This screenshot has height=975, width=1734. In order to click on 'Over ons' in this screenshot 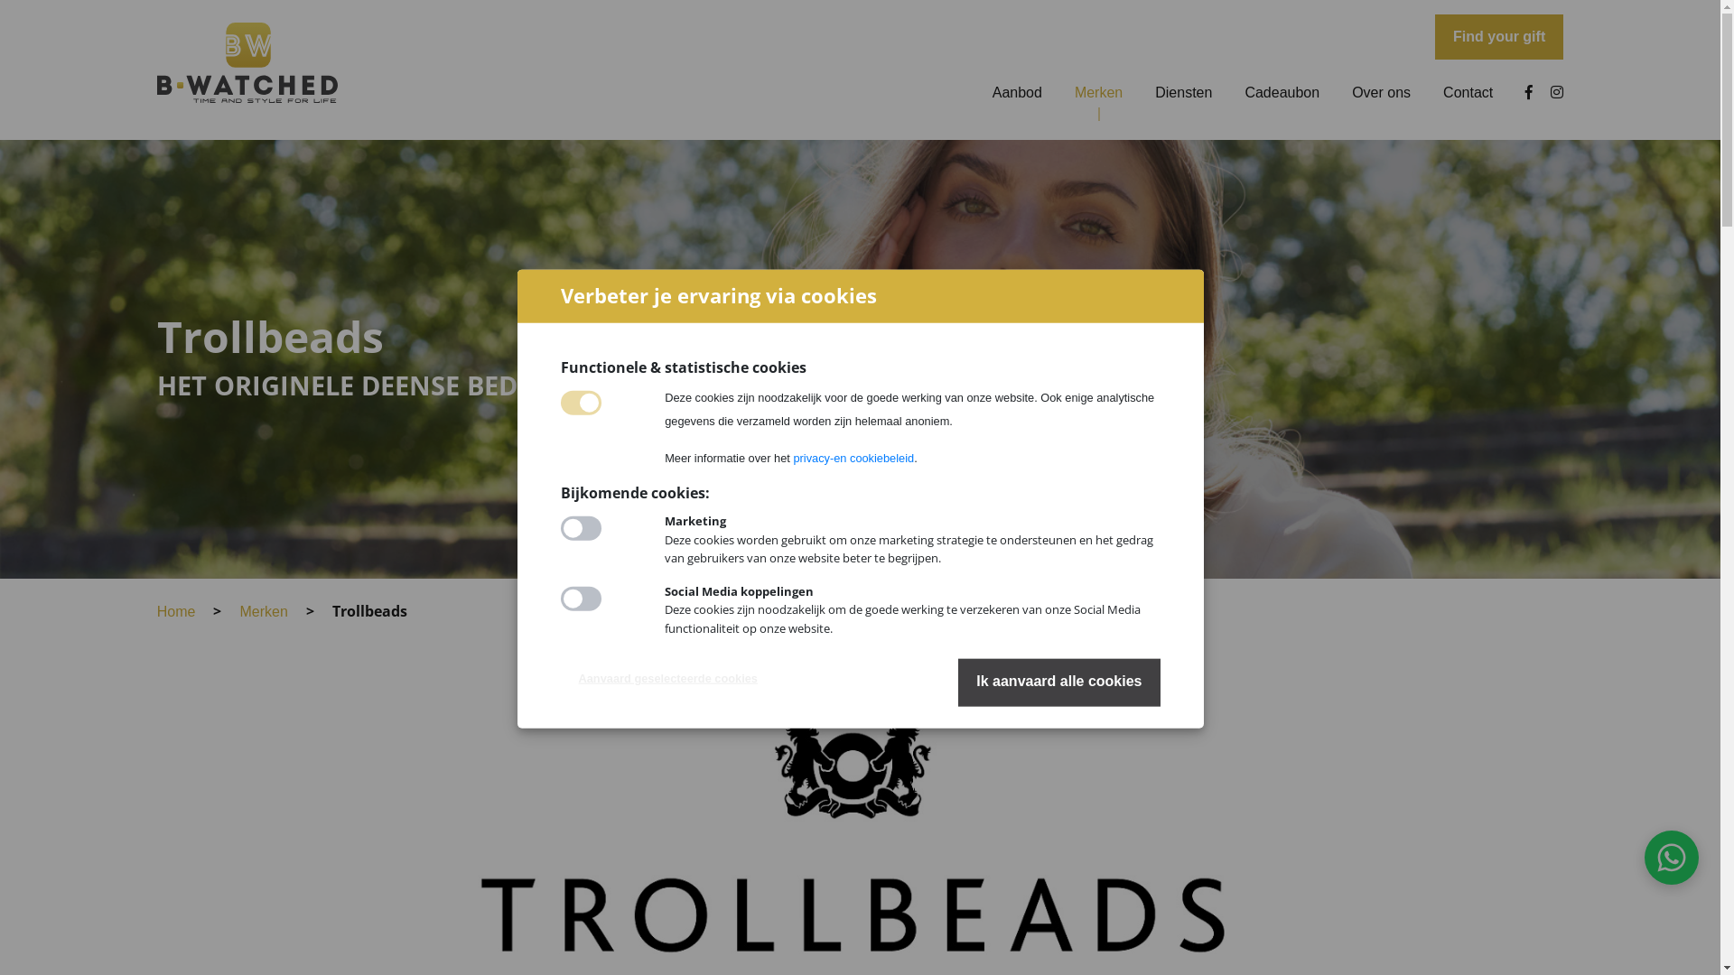, I will do `click(1380, 92)`.